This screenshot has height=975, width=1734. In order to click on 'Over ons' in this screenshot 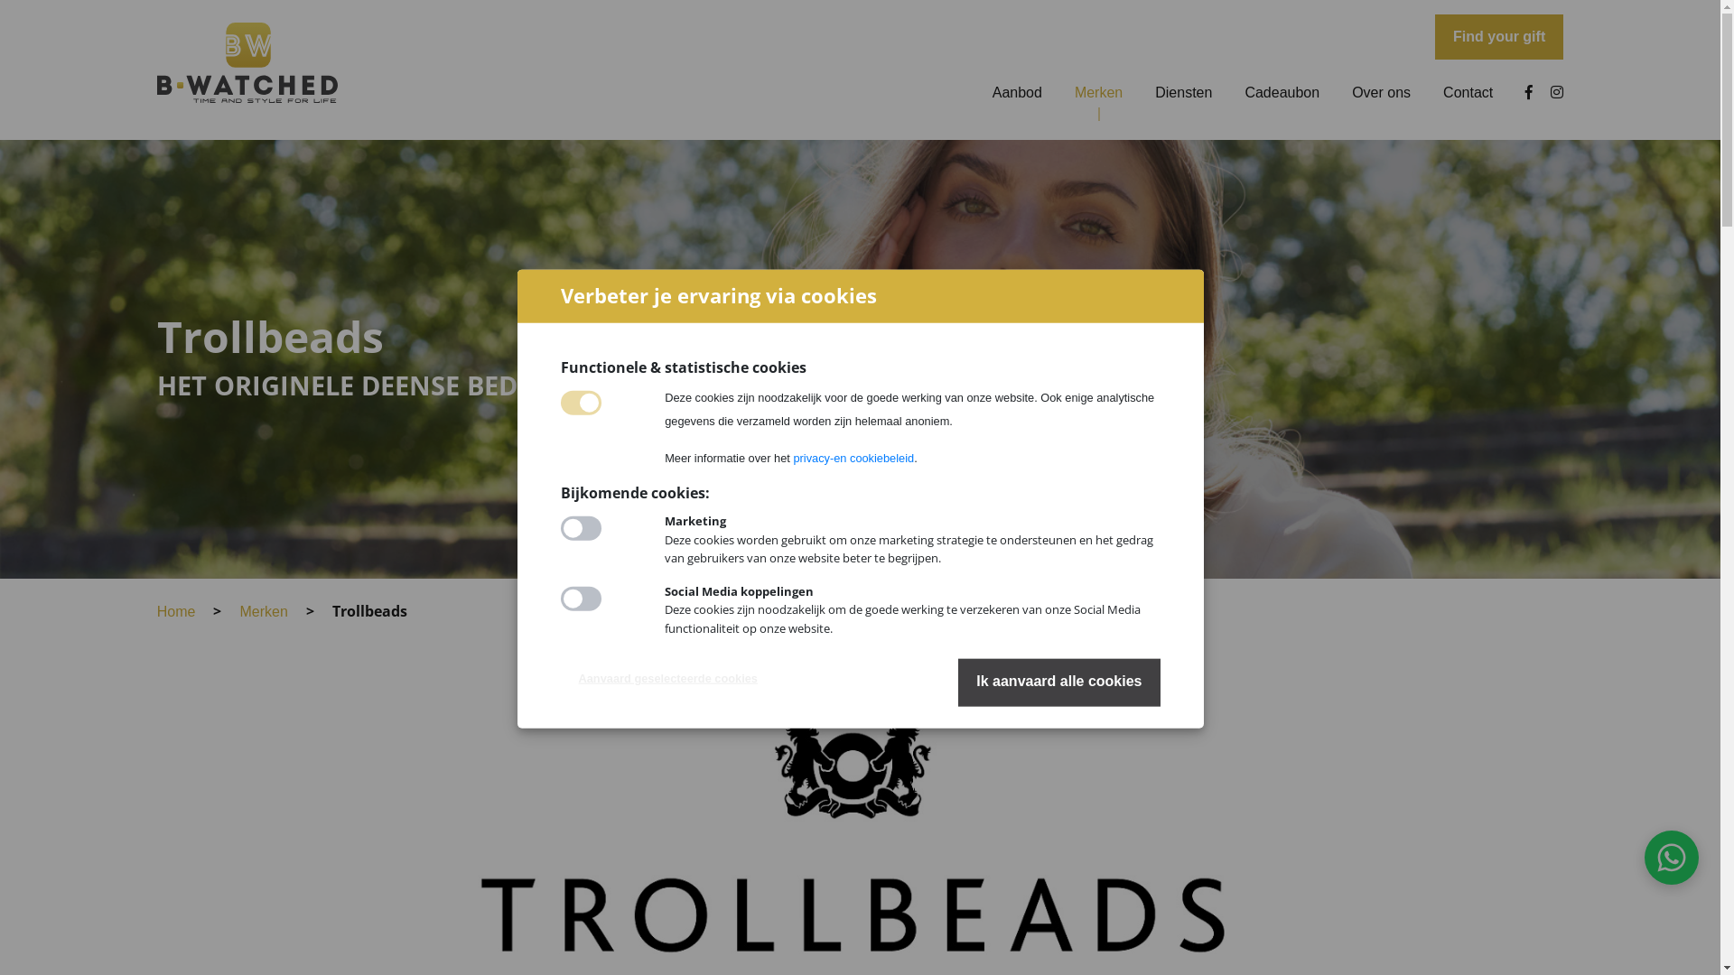, I will do `click(1380, 92)`.